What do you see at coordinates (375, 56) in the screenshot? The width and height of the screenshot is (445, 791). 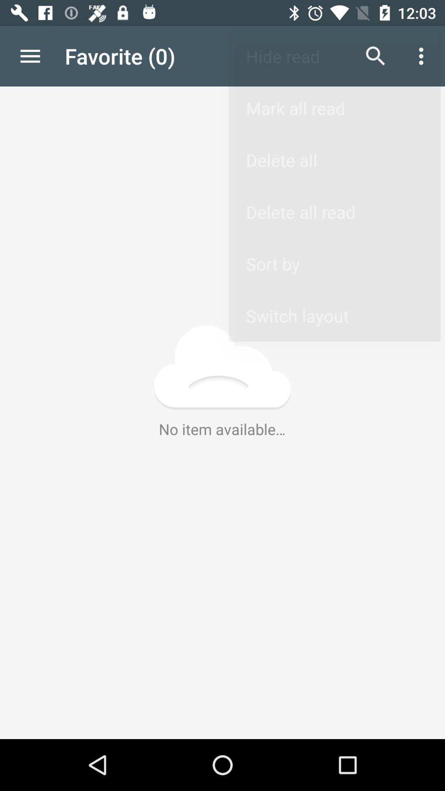 I see `the item next to favorite (0) item` at bounding box center [375, 56].